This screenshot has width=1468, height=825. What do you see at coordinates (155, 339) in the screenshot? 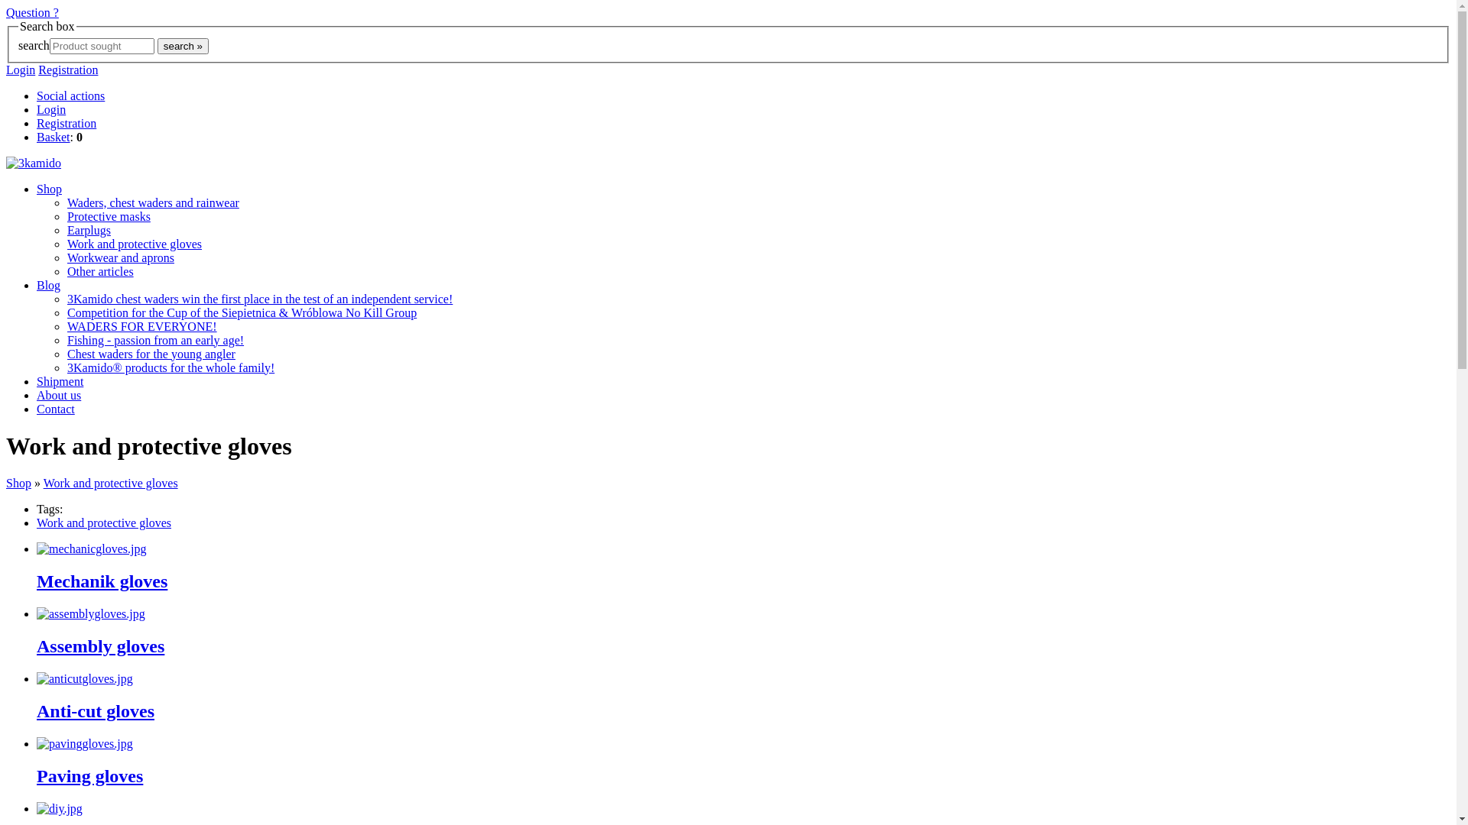
I see `'Fishing - passion from an early age!'` at bounding box center [155, 339].